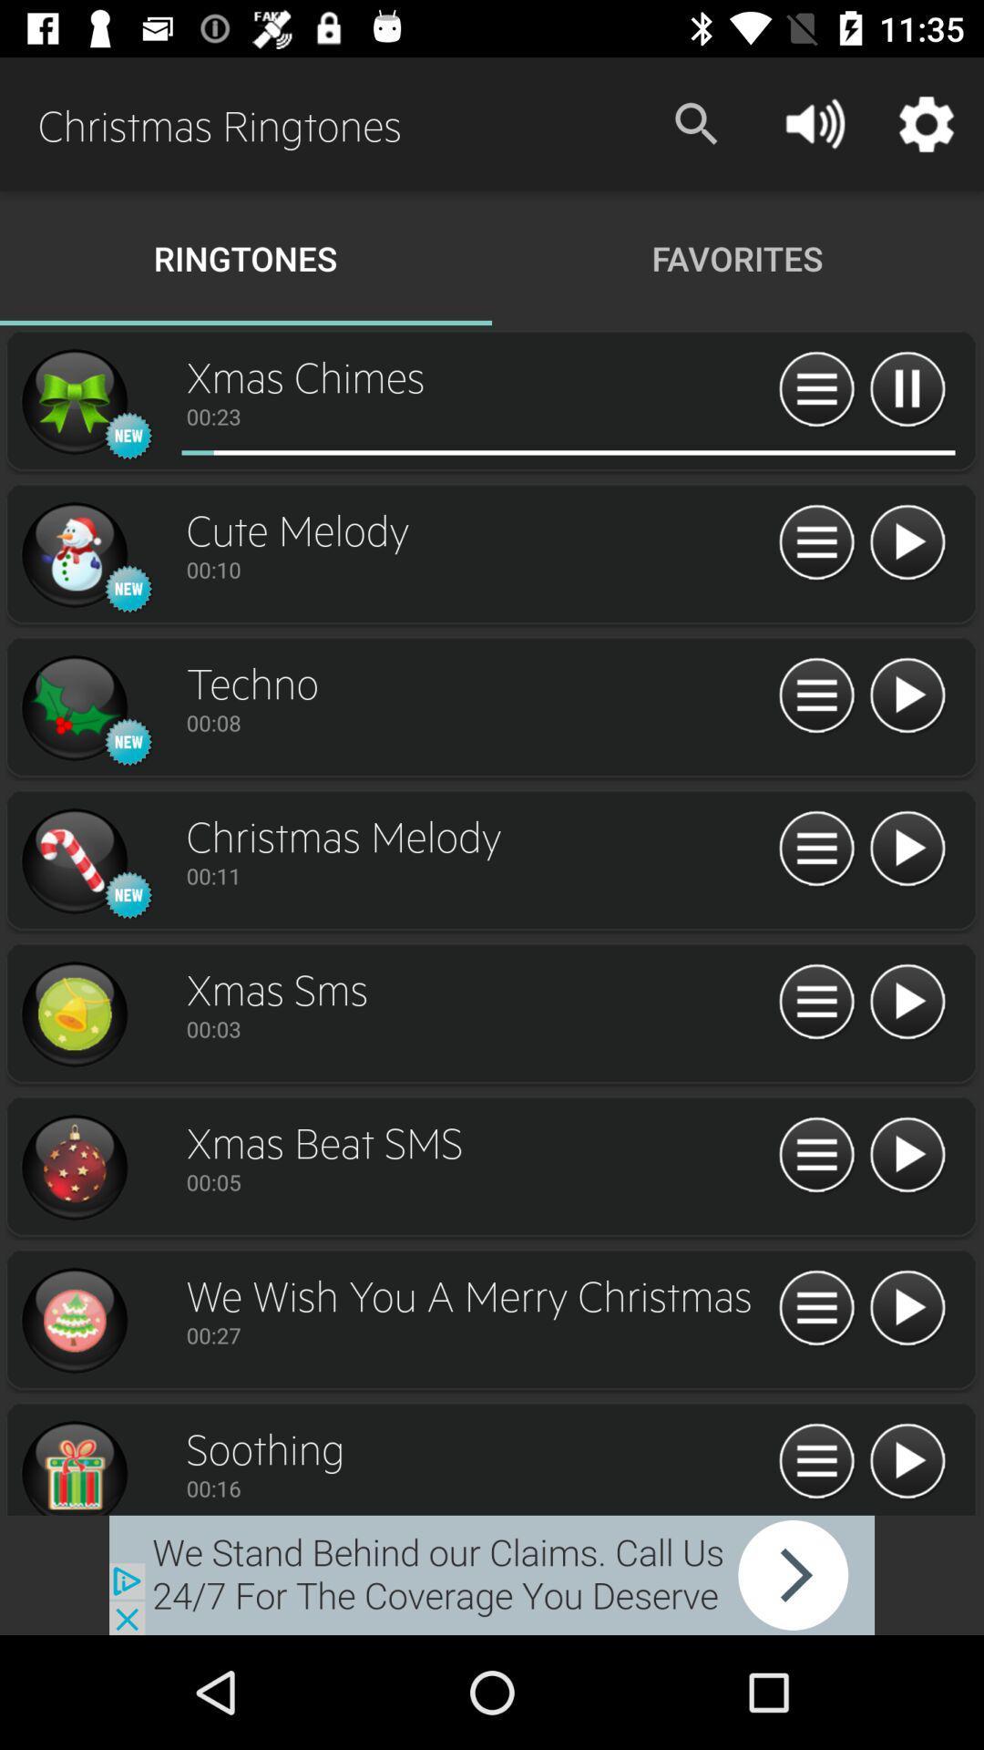  I want to click on option, so click(73, 707).